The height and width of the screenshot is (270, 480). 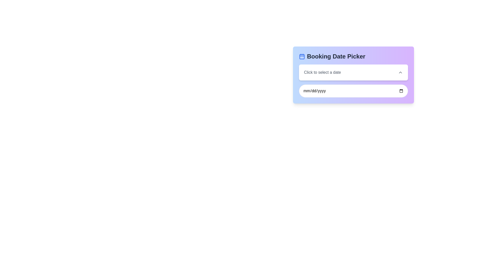 What do you see at coordinates (400, 72) in the screenshot?
I see `the chevron icon located on the right side of the 'Click` at bounding box center [400, 72].